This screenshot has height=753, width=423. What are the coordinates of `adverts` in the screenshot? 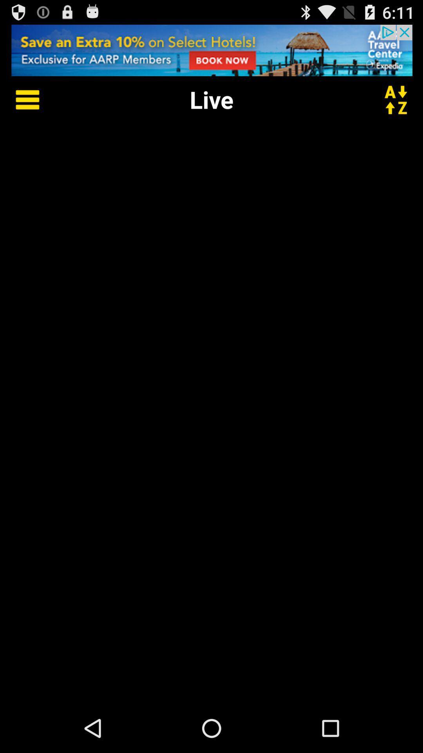 It's located at (211, 50).